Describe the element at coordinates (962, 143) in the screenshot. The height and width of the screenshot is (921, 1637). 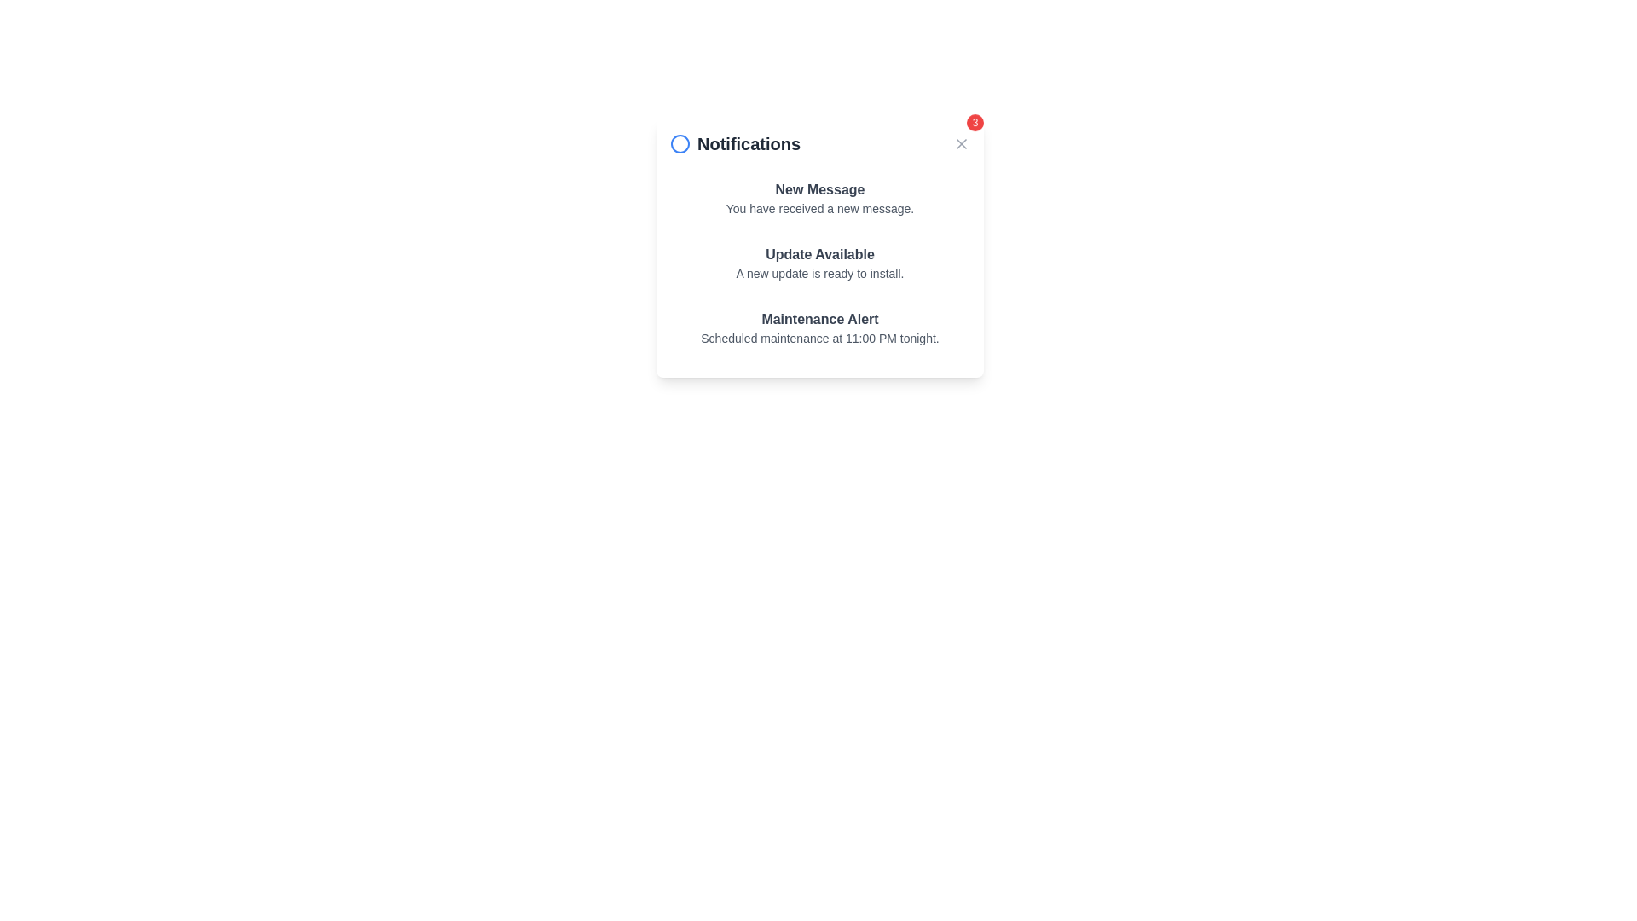
I see `the close button located at the top-right corner of the notification panel` at that location.